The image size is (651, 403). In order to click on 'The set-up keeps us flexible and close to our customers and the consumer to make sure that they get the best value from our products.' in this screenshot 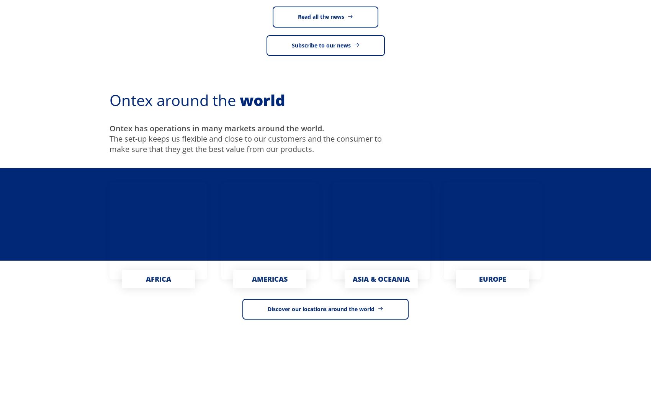, I will do `click(109, 144)`.